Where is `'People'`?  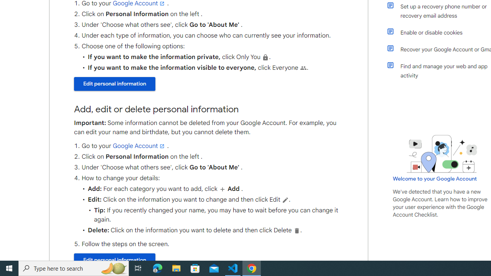 'People' is located at coordinates (303, 67).